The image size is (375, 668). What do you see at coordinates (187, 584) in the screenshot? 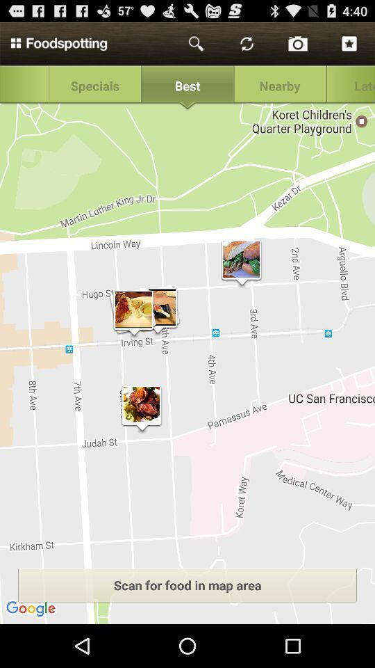
I see `the icon at the bottom` at bounding box center [187, 584].